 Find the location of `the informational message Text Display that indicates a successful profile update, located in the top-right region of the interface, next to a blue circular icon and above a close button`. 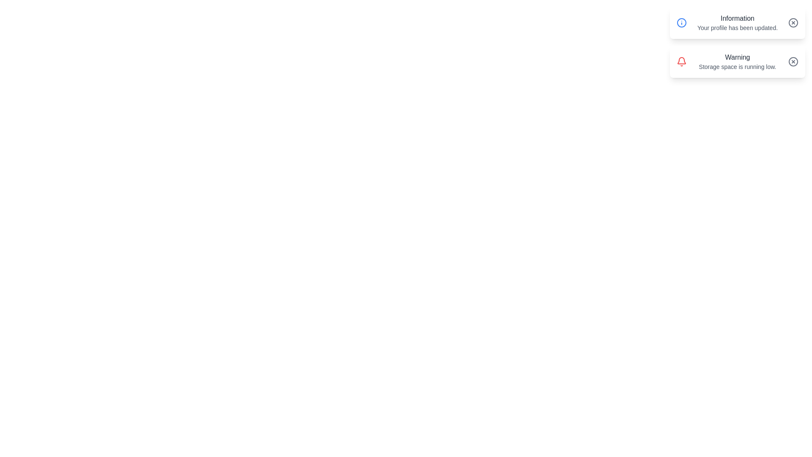

the informational message Text Display that indicates a successful profile update, located in the top-right region of the interface, next to a blue circular icon and above a close button is located at coordinates (737, 22).